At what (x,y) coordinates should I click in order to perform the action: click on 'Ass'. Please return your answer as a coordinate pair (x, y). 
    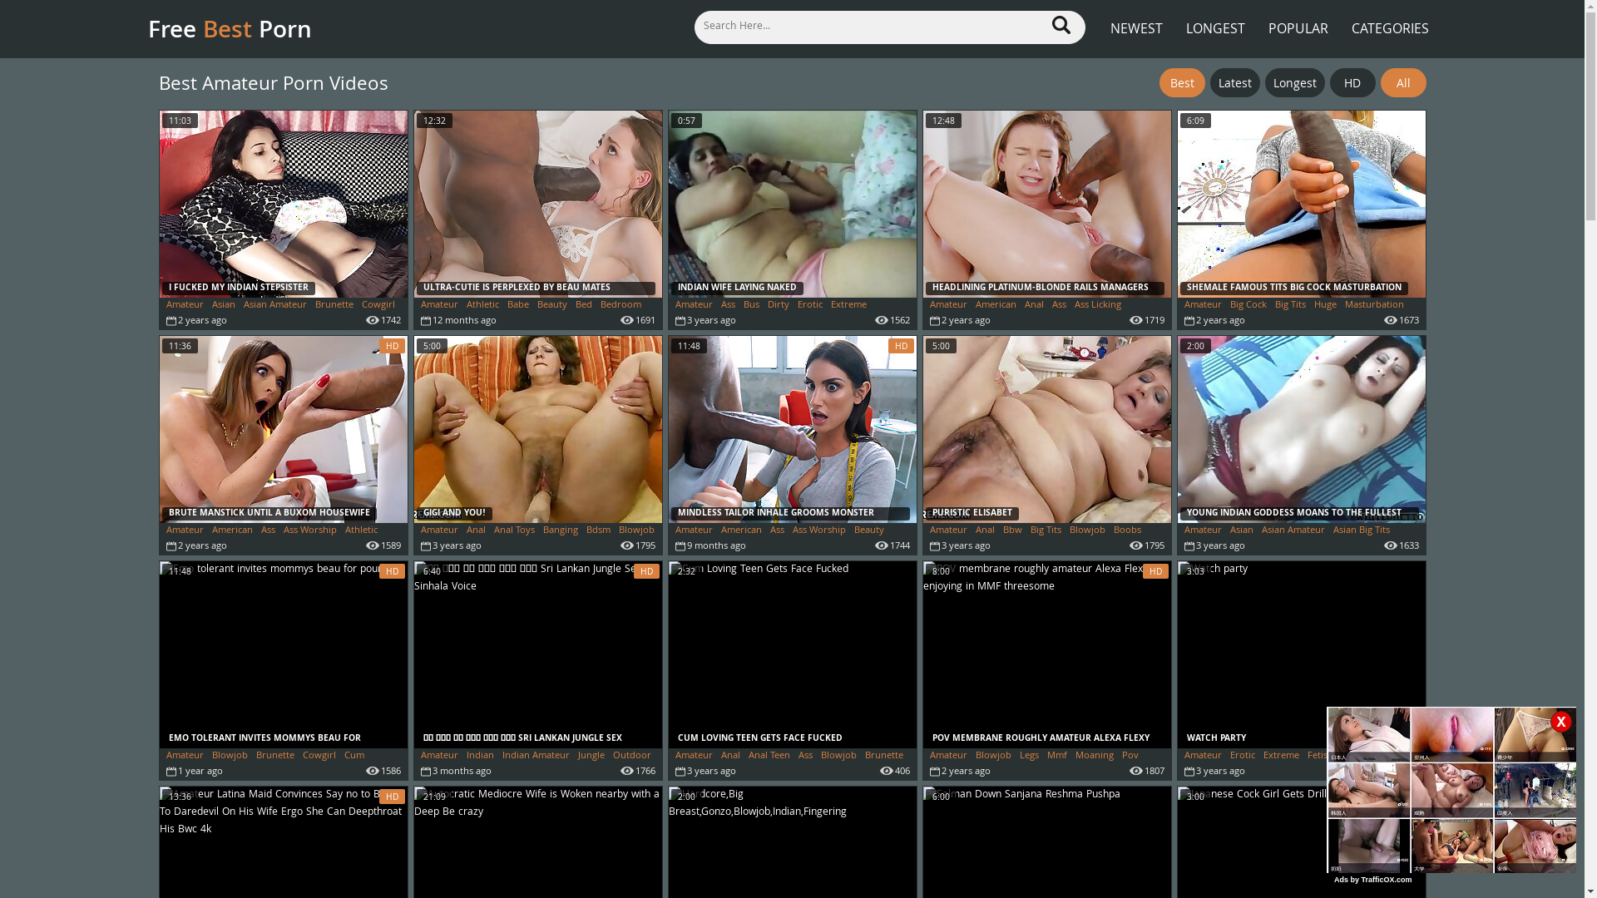
    Looking at the image, I should click on (769, 530).